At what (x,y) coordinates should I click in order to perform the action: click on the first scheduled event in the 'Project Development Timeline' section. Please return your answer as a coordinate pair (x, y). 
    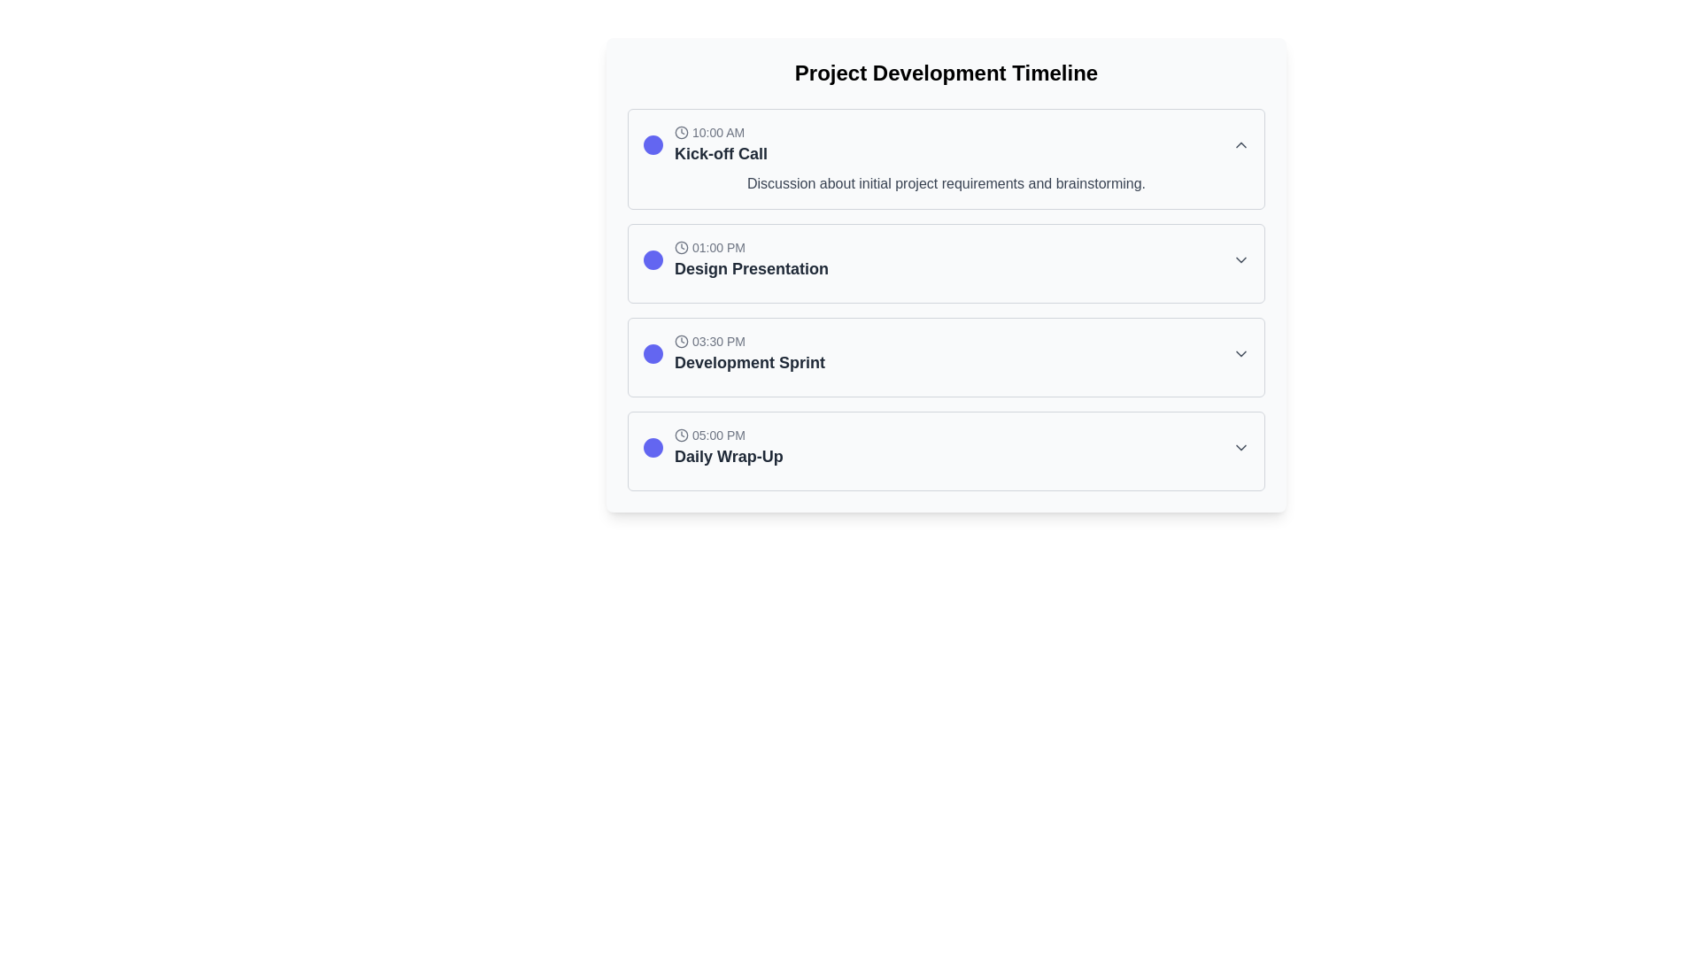
    Looking at the image, I should click on (704, 144).